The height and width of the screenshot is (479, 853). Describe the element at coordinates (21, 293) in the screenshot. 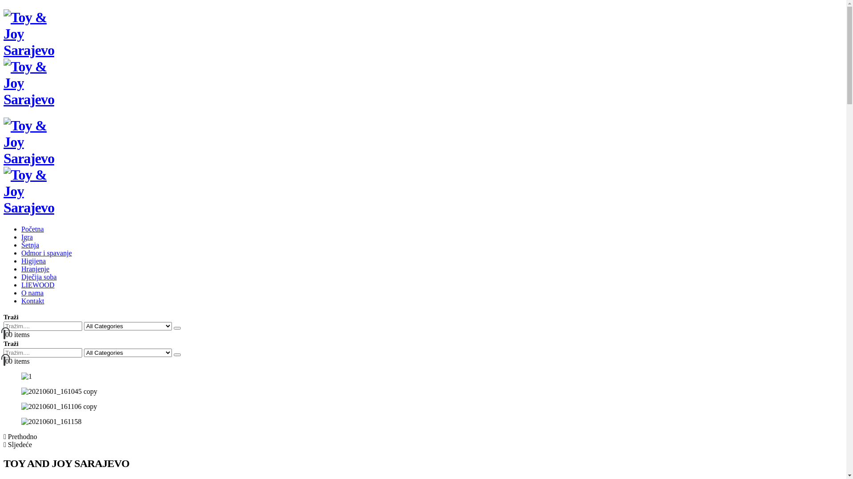

I see `'O nama'` at that location.